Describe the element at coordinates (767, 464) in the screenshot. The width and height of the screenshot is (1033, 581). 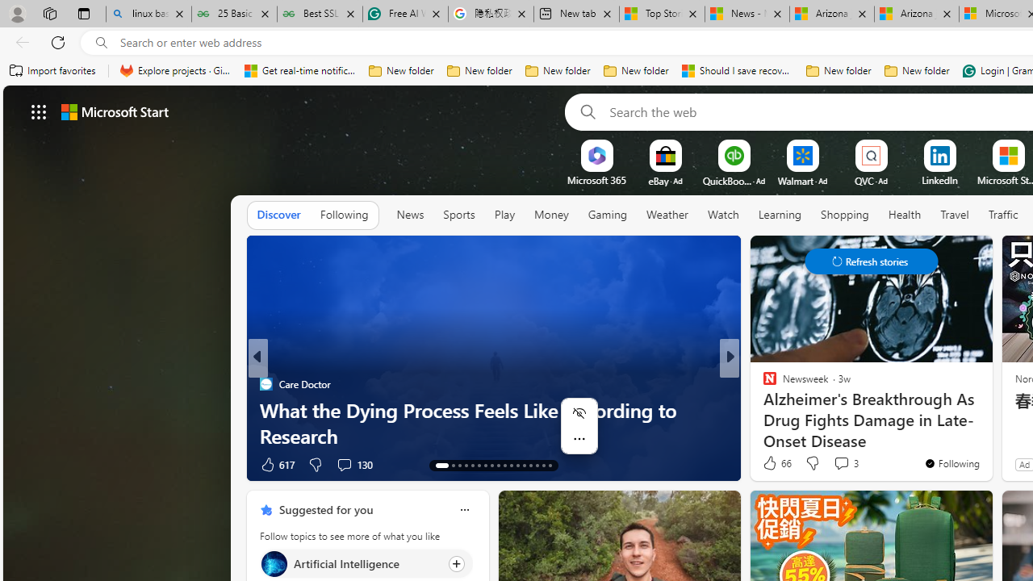
I see `'7 Like'` at that location.